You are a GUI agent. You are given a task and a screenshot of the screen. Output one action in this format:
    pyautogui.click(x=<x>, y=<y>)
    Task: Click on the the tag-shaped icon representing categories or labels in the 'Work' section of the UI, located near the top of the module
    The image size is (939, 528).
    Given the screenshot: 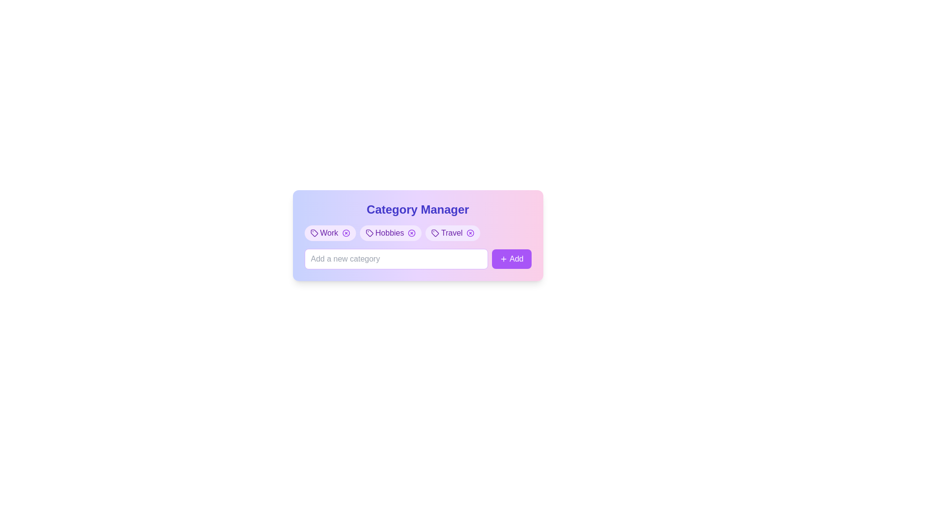 What is the action you would take?
    pyautogui.click(x=314, y=233)
    